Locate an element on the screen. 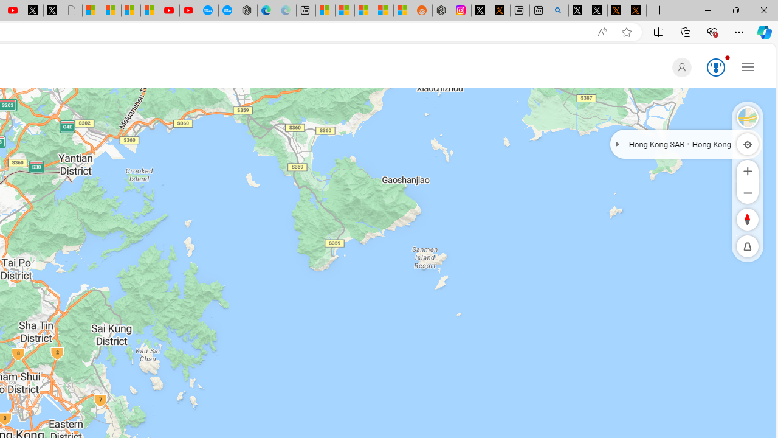  'Eugene' is located at coordinates (679, 67).